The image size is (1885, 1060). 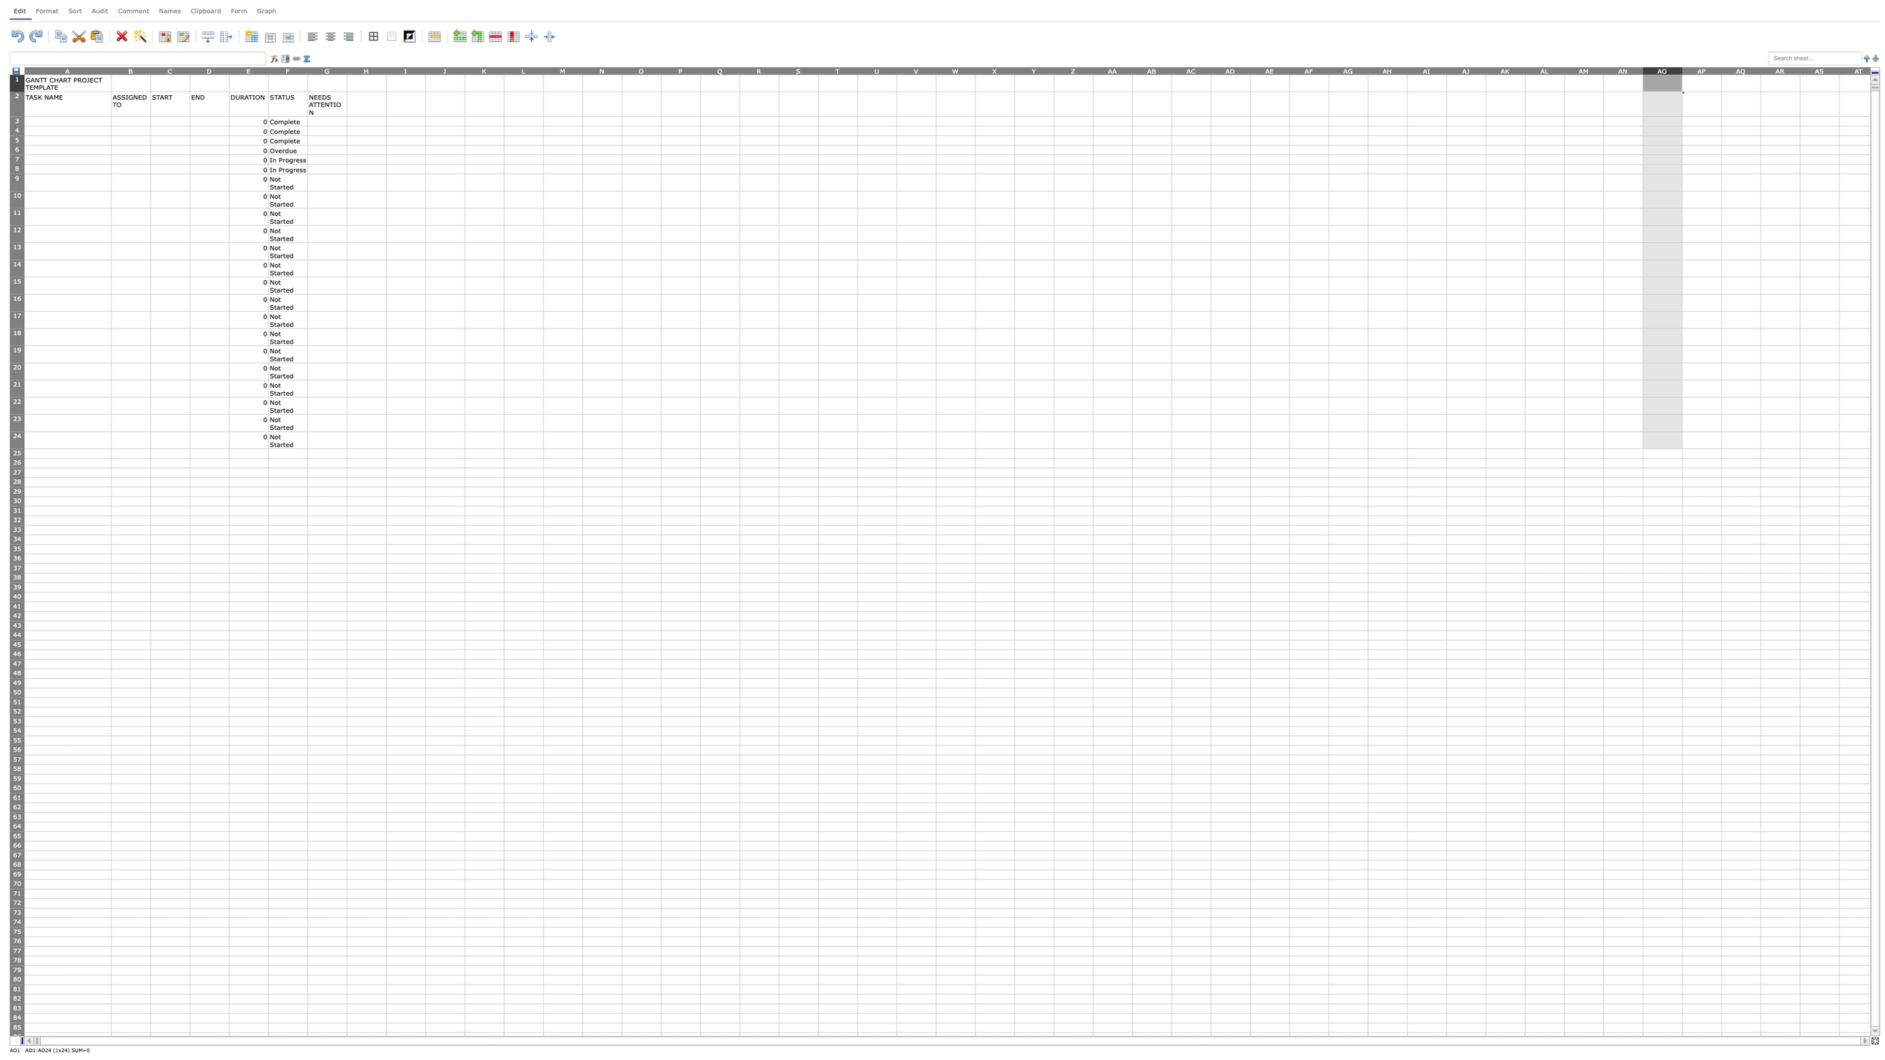 I want to click on the right edge of column AP, for next step resizing the column, so click(x=1721, y=69).